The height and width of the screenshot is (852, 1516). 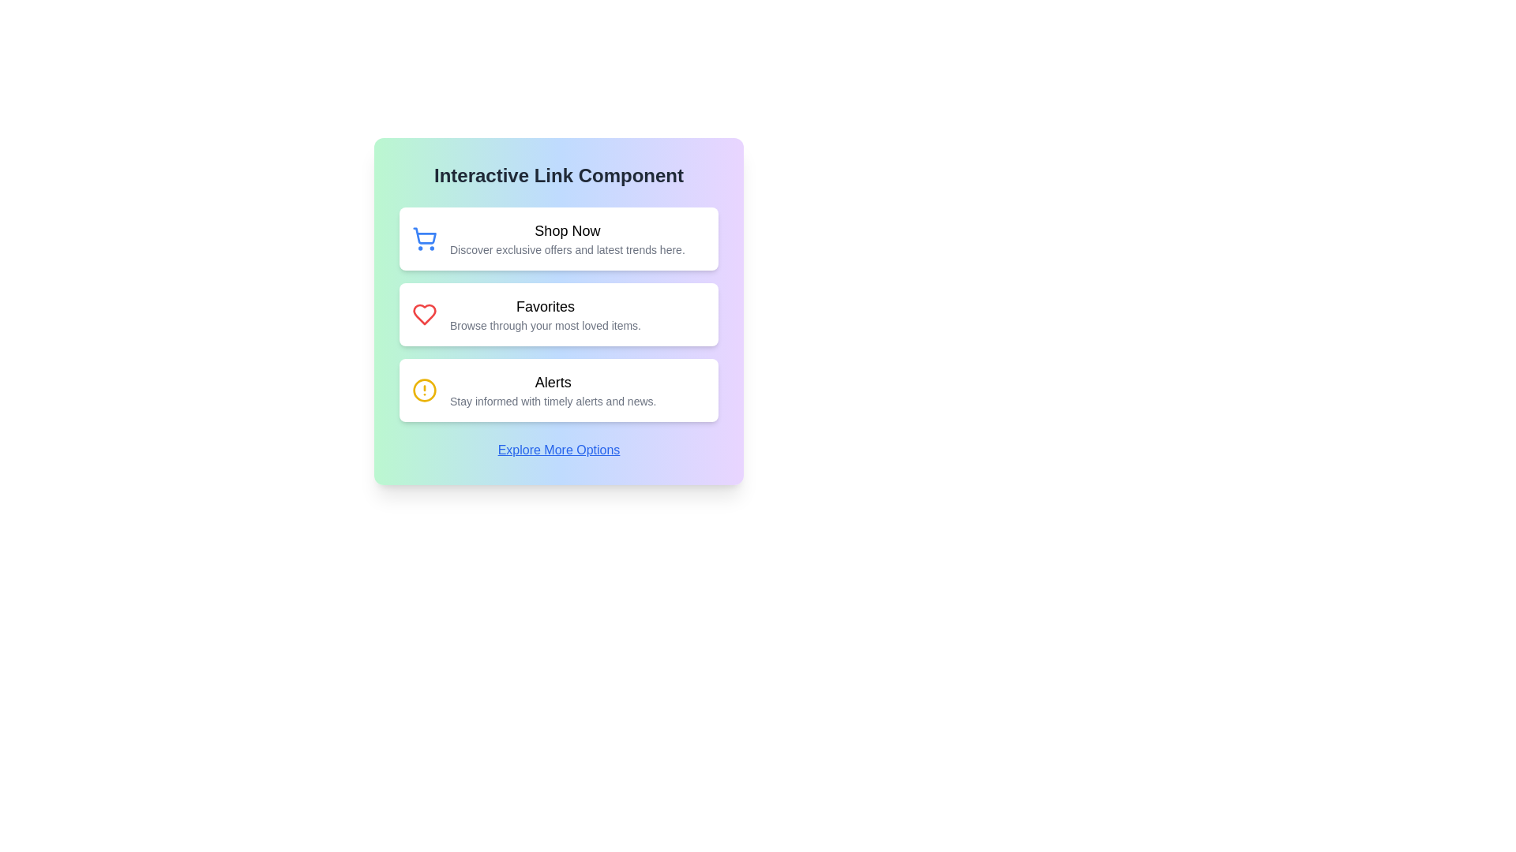 What do you see at coordinates (424, 390) in the screenshot?
I see `the alert icon located in the third item of the list within the middle card, which precedes the text 'Alerts.'` at bounding box center [424, 390].